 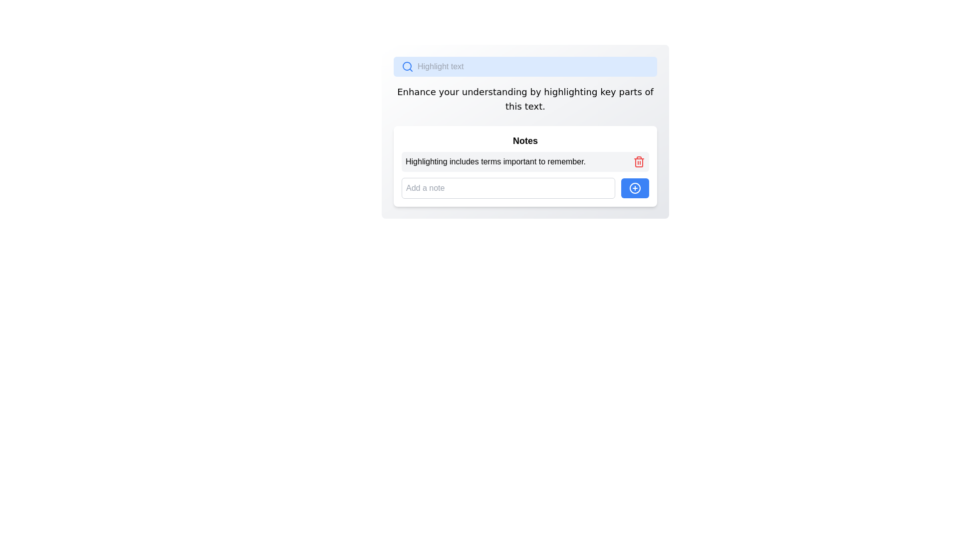 What do you see at coordinates (635, 92) in the screenshot?
I see `the character 't' in the word 'parts' of the sentence 'Enhance your understanding by highlighting key parts of this text.' which is located near the top section of the UI, above the 'Notes' section` at bounding box center [635, 92].